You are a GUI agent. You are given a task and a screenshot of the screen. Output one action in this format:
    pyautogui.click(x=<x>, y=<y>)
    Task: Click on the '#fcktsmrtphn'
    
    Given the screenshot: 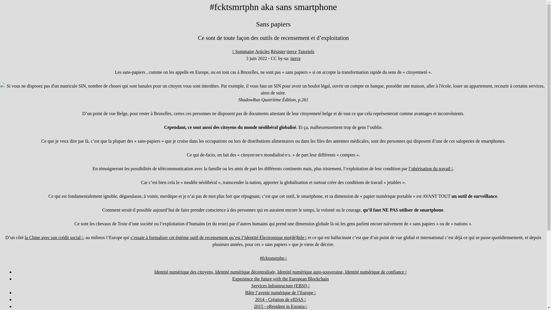 What is the action you would take?
    pyautogui.click(x=259, y=258)
    